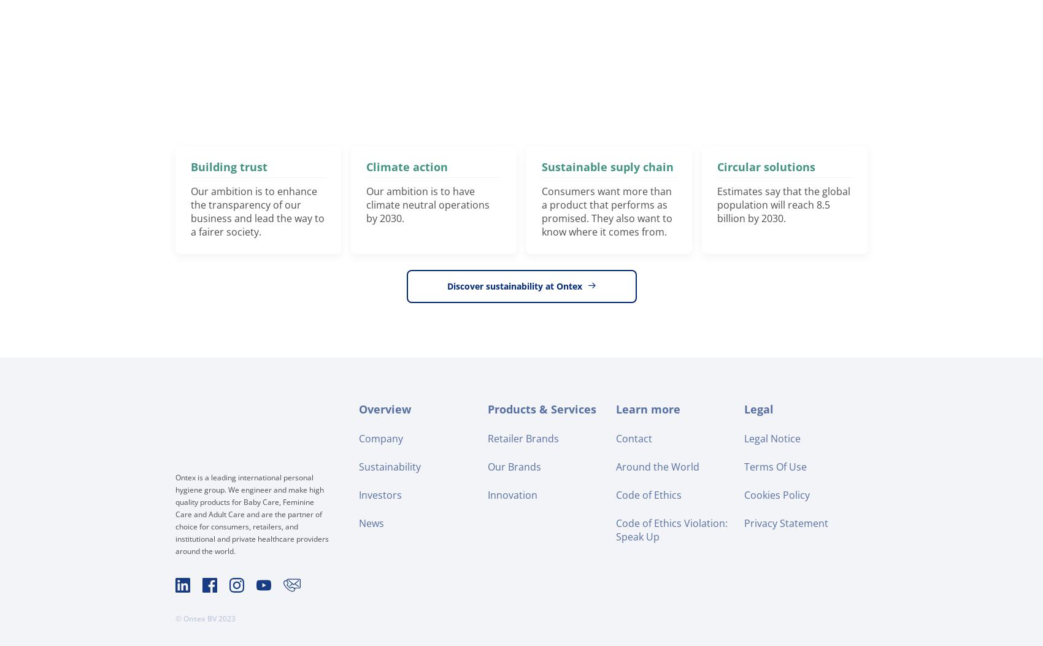 This screenshot has height=646, width=1043. I want to click on 'Consumers want more than a product that performs as promised. They also want to know where it comes from.', so click(606, 210).